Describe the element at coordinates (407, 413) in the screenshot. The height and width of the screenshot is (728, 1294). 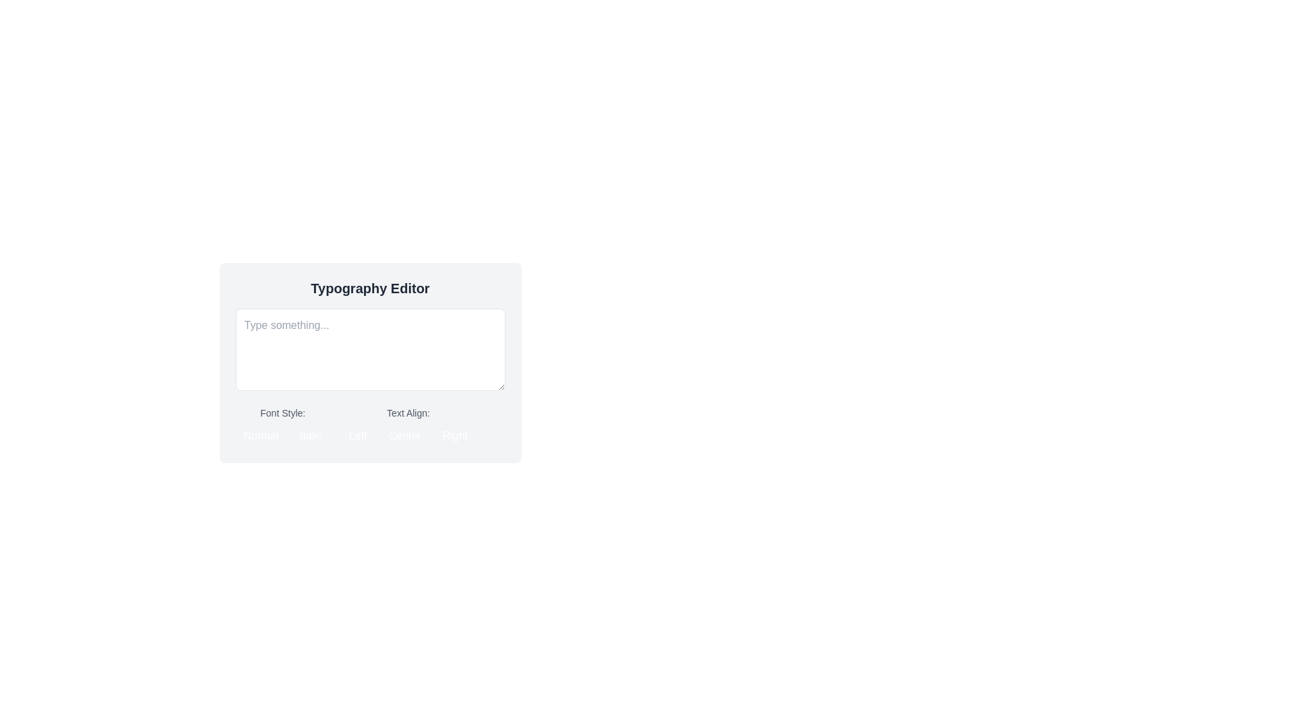
I see `the text label displaying 'Text Align:' which is styled with a small font size and gray coloring, positioned above the text alignment buttons in the 'Typography Editor' form` at that location.